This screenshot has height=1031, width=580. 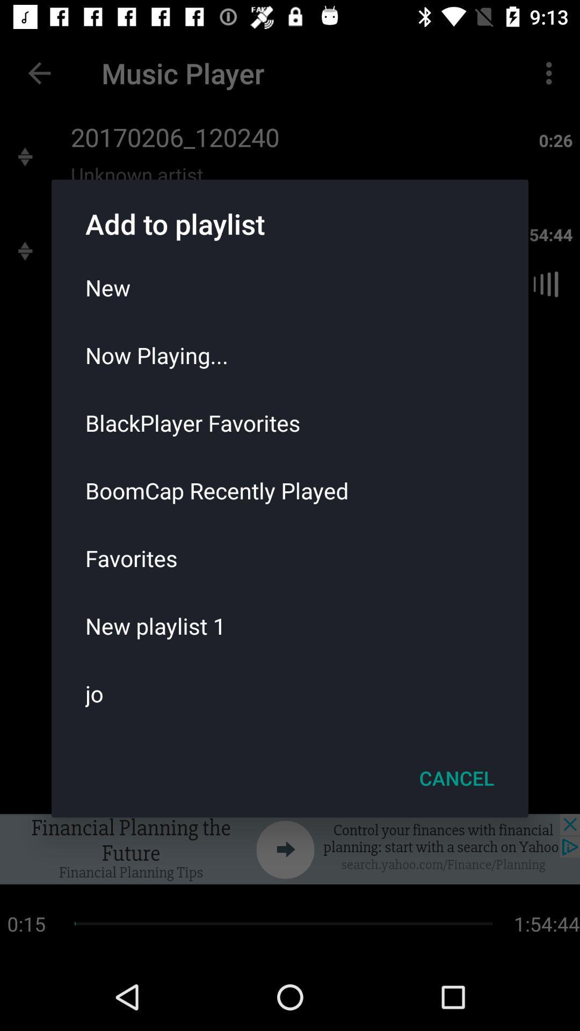 What do you see at coordinates (290, 693) in the screenshot?
I see `the jo at the bottom` at bounding box center [290, 693].